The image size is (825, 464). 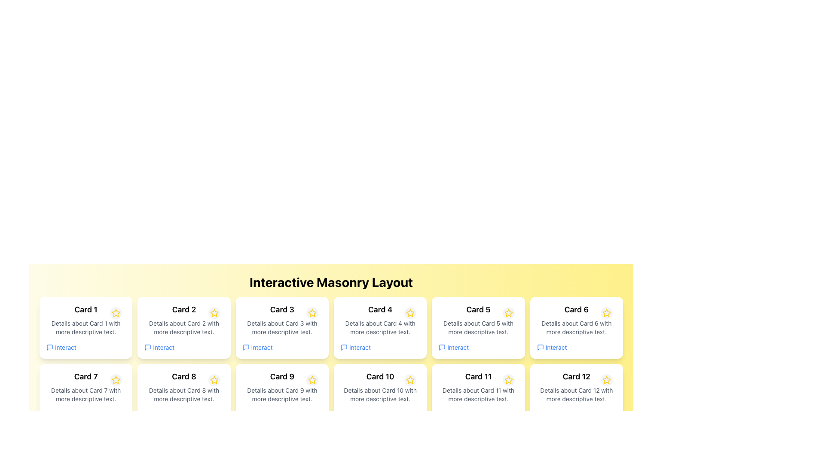 I want to click on the Static Text element containing the text 'Details about Card 8 with more descriptive text.' which is located within Card 8, below the header 'Card 8' and above the 'Interact' link, so click(x=183, y=394).